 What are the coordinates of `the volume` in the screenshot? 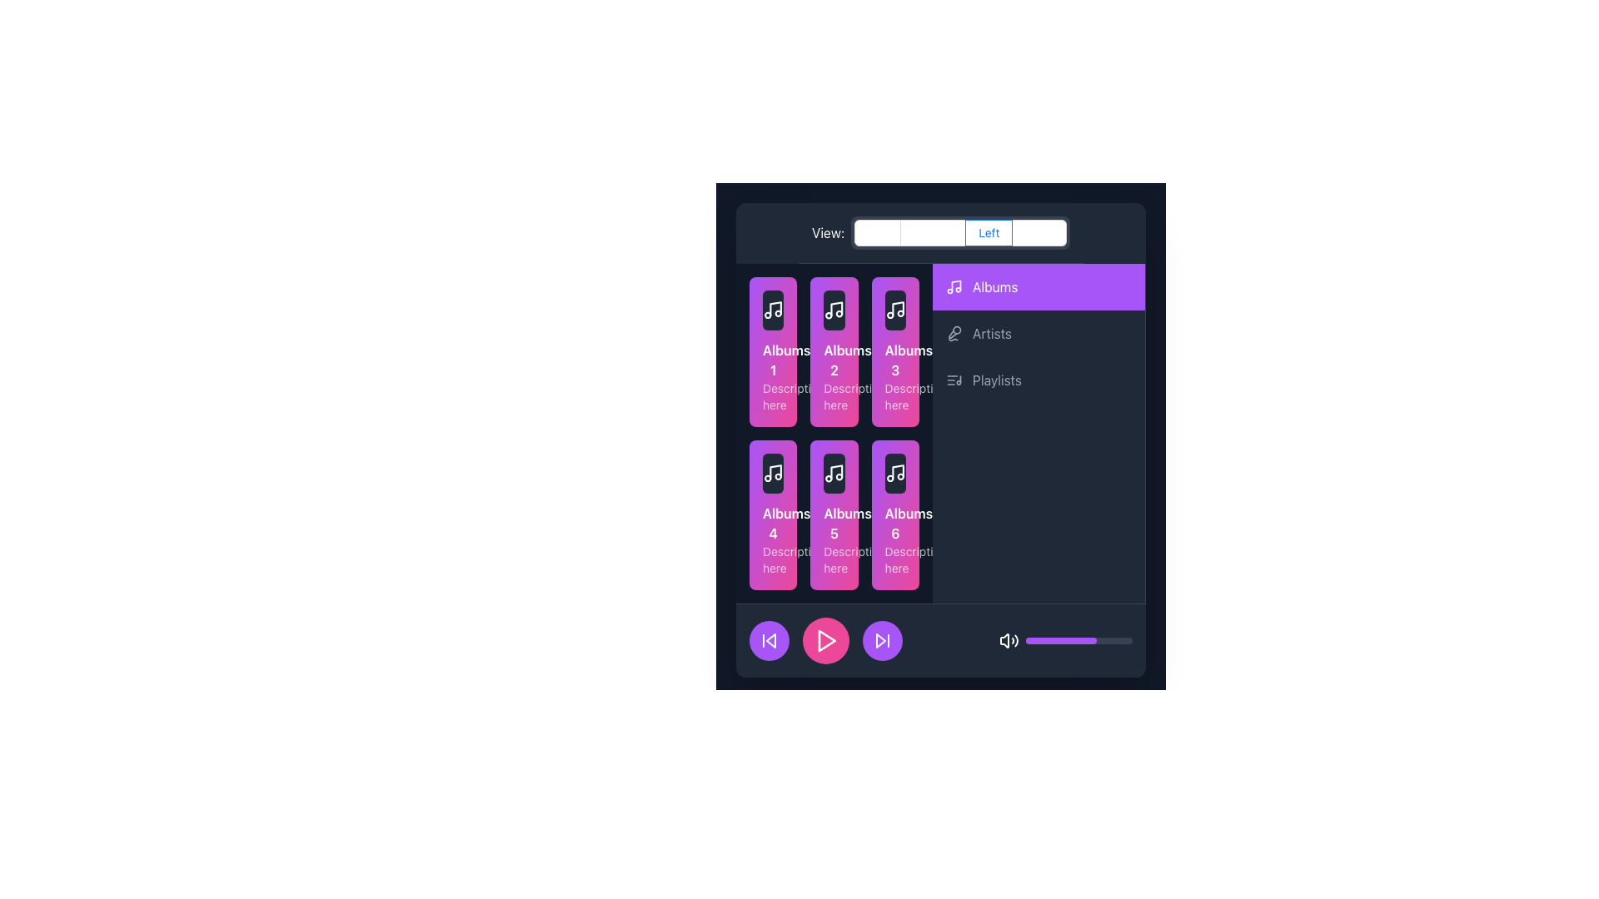 It's located at (1058, 640).